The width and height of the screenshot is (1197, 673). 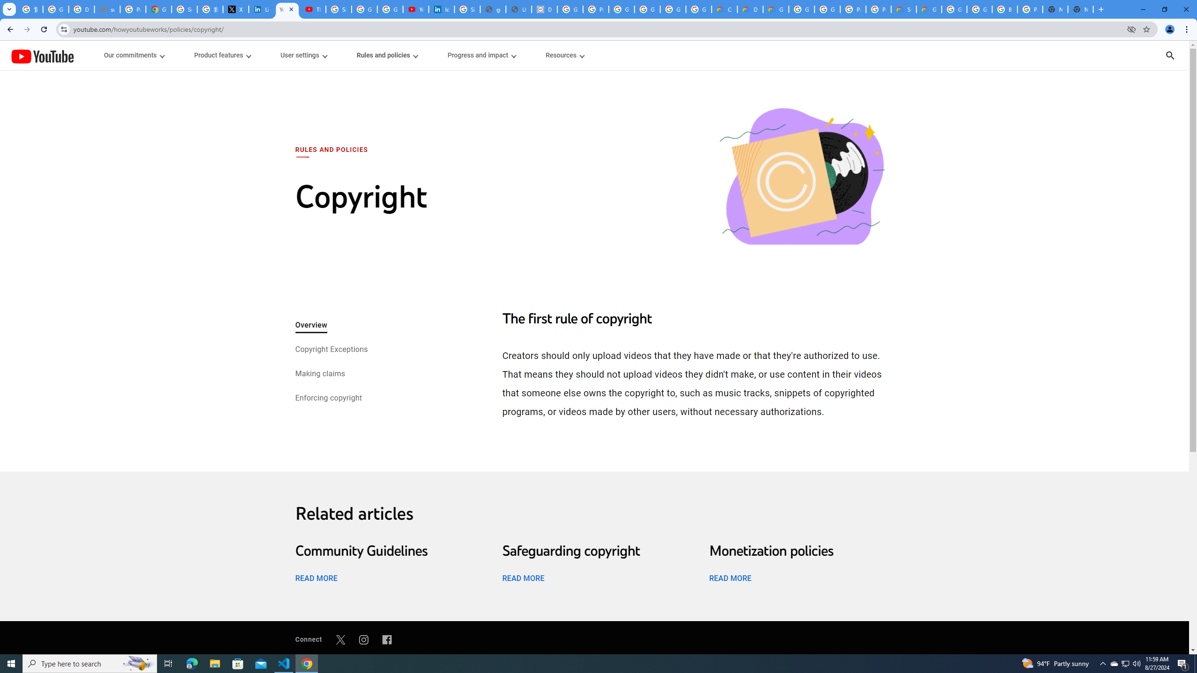 What do you see at coordinates (9, 9) in the screenshot?
I see `'Search tabs'` at bounding box center [9, 9].